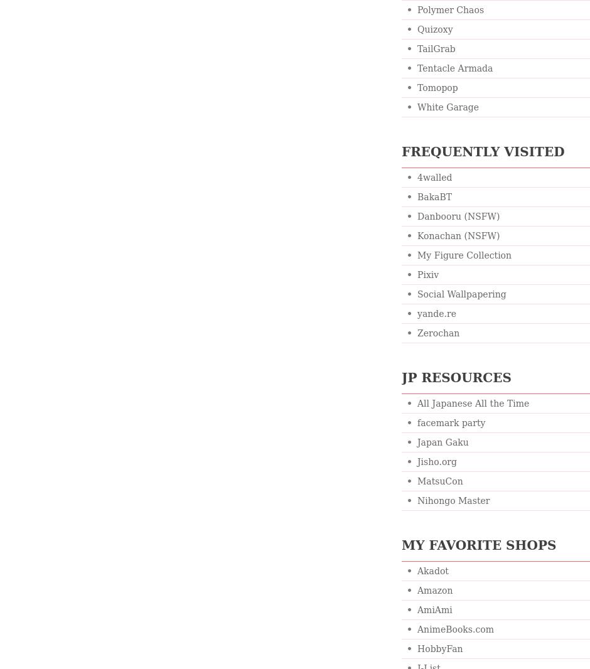 The image size is (590, 669). I want to click on 'Frequently Visited', so click(482, 151).